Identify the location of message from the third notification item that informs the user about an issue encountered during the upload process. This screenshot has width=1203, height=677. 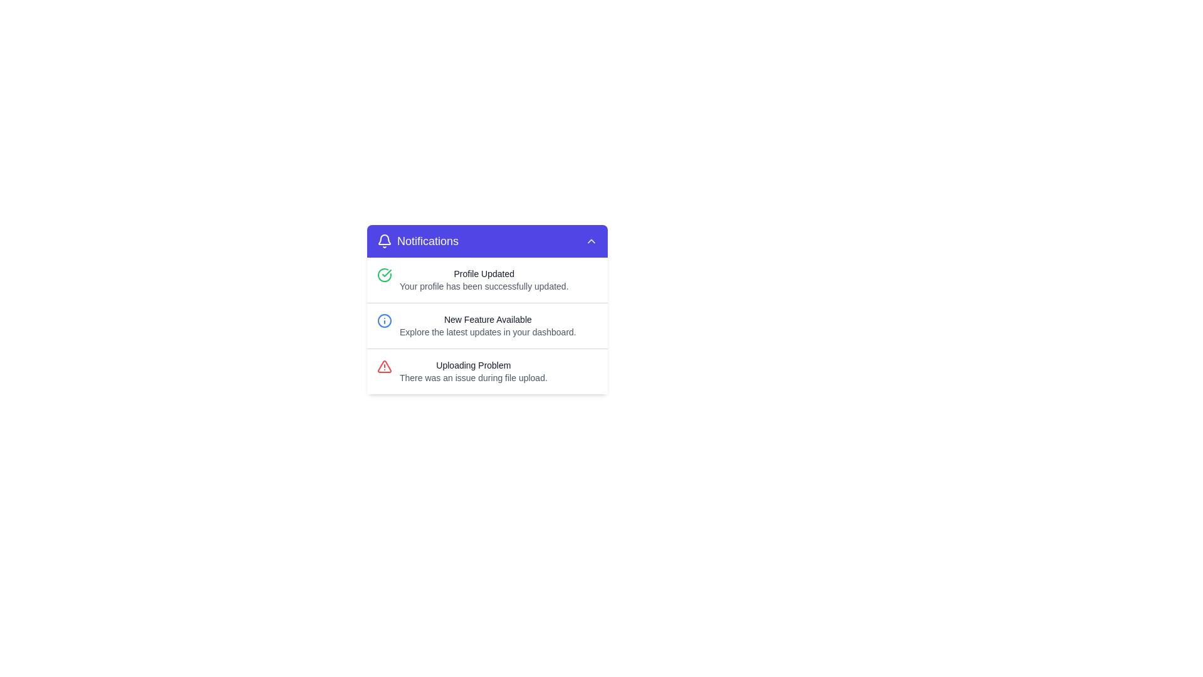
(486, 370).